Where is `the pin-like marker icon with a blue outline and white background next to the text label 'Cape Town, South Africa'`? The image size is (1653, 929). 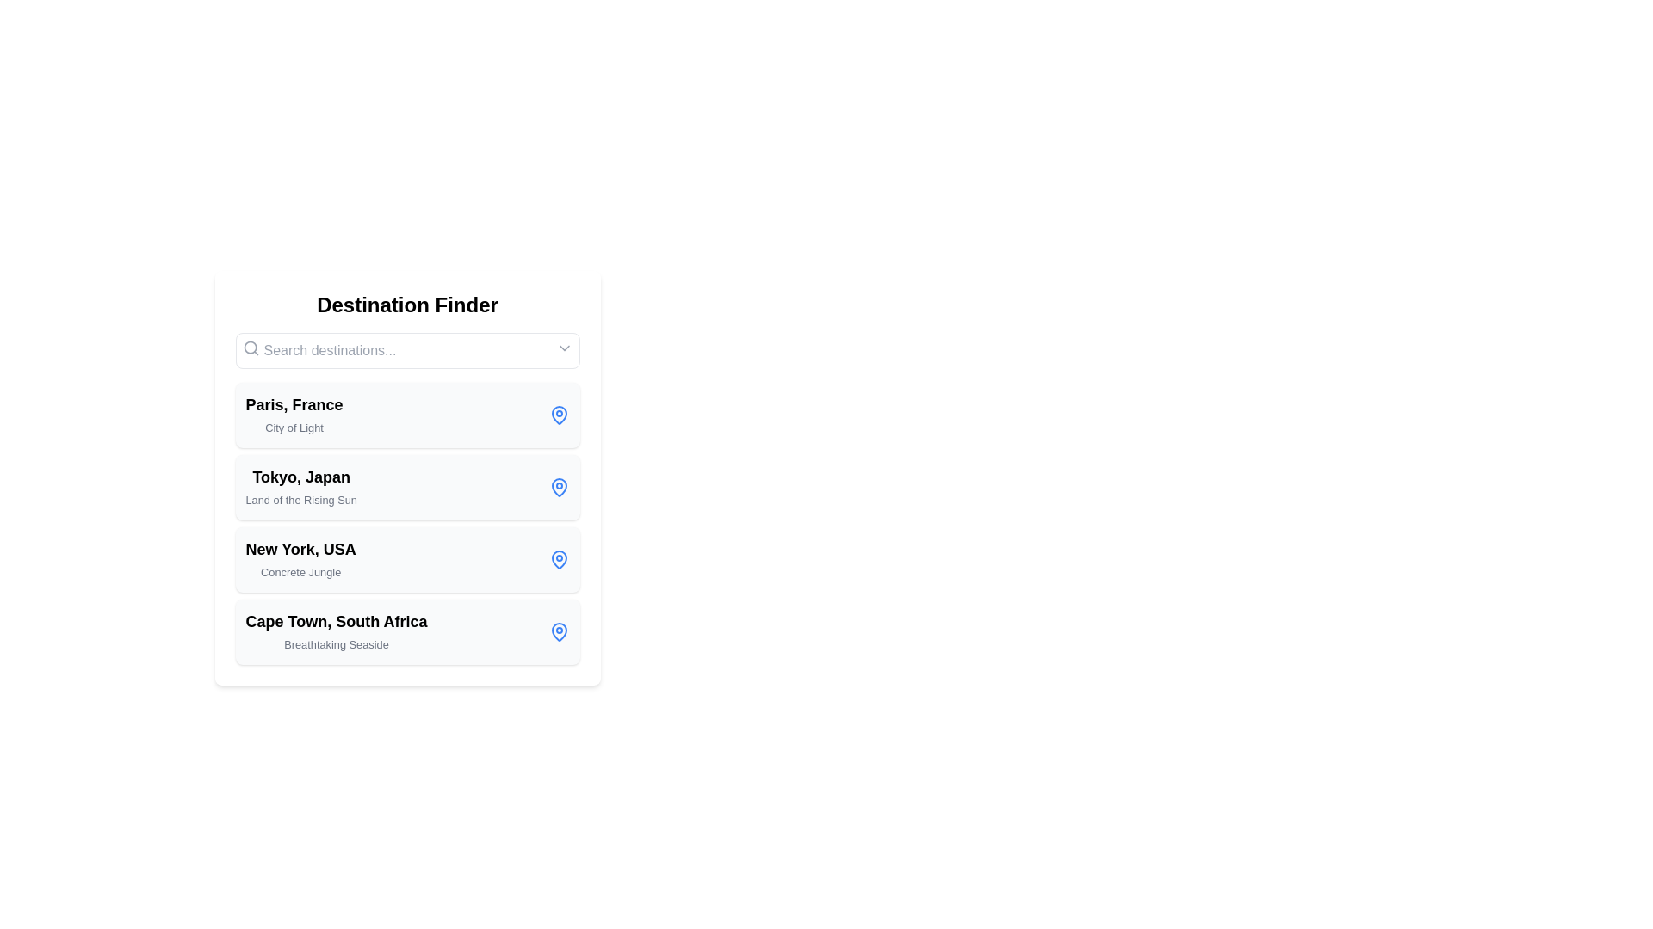
the pin-like marker icon with a blue outline and white background next to the text label 'Cape Town, South Africa' is located at coordinates (559, 632).